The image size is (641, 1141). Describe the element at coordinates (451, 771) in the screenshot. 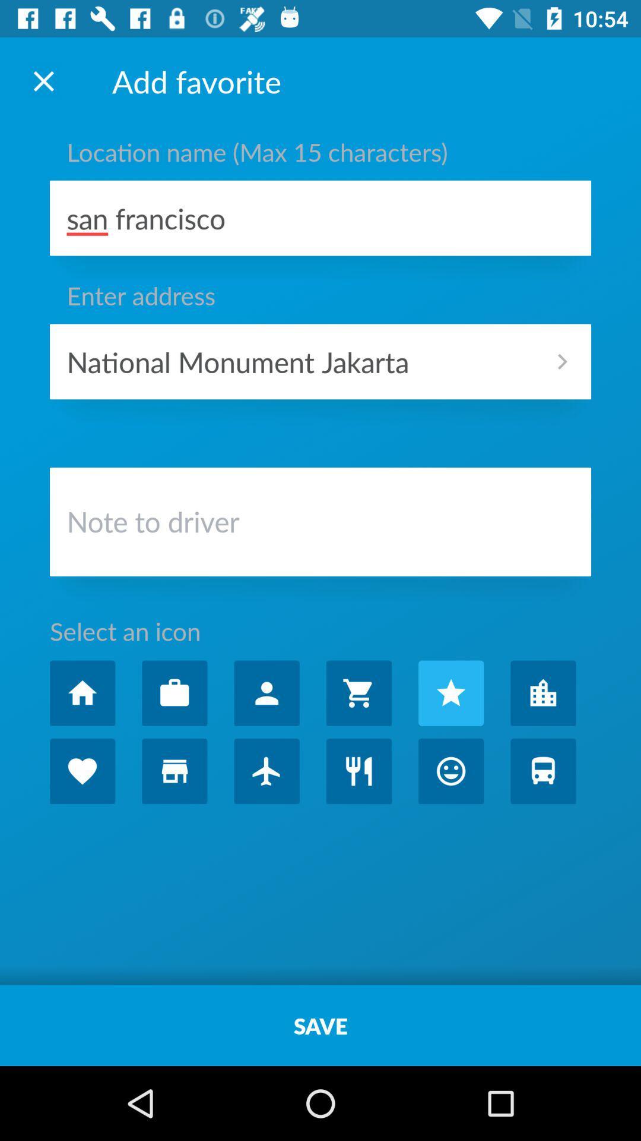

I see `smiley face` at that location.